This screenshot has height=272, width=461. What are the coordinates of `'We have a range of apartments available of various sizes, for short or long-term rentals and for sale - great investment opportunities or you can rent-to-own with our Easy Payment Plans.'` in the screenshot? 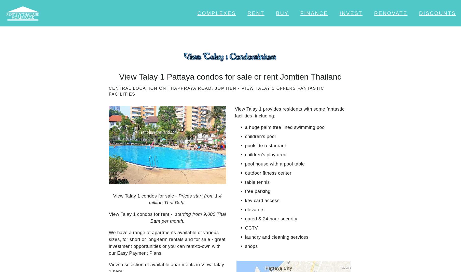 It's located at (168, 242).